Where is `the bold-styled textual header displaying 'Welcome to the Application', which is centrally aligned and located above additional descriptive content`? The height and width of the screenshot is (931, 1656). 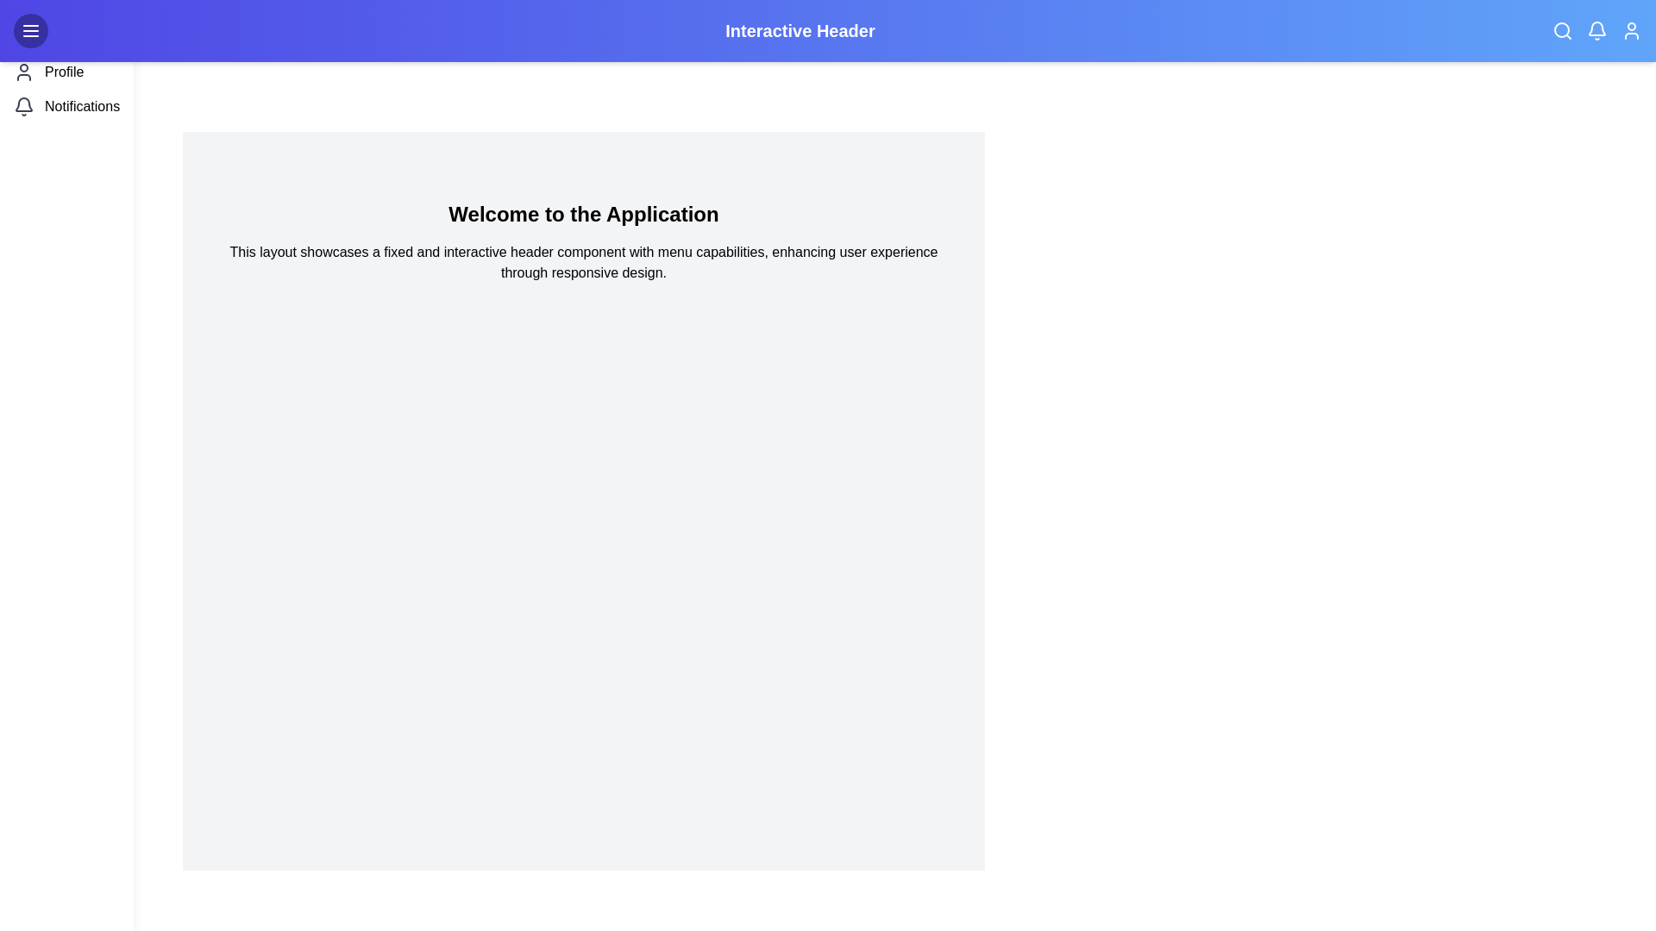 the bold-styled textual header displaying 'Welcome to the Application', which is centrally aligned and located above additional descriptive content is located at coordinates (583, 214).